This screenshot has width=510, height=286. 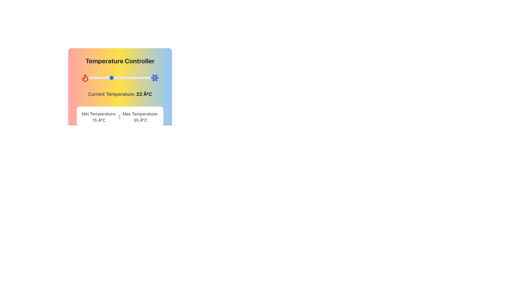 I want to click on the static text label displaying 'Temperature Controller' which is prominently placed at the top of a colorful gradient background interface, so click(x=120, y=61).